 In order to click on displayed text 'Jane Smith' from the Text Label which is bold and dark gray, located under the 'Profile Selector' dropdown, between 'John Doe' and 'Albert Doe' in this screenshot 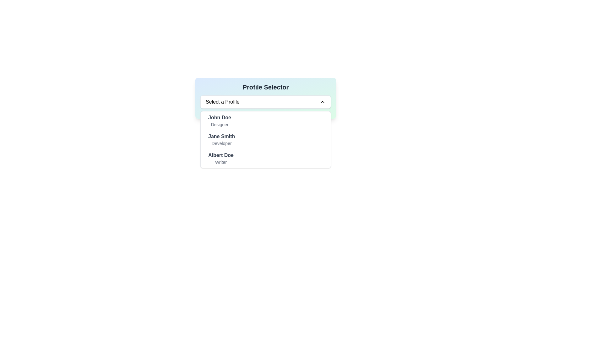, I will do `click(221, 136)`.